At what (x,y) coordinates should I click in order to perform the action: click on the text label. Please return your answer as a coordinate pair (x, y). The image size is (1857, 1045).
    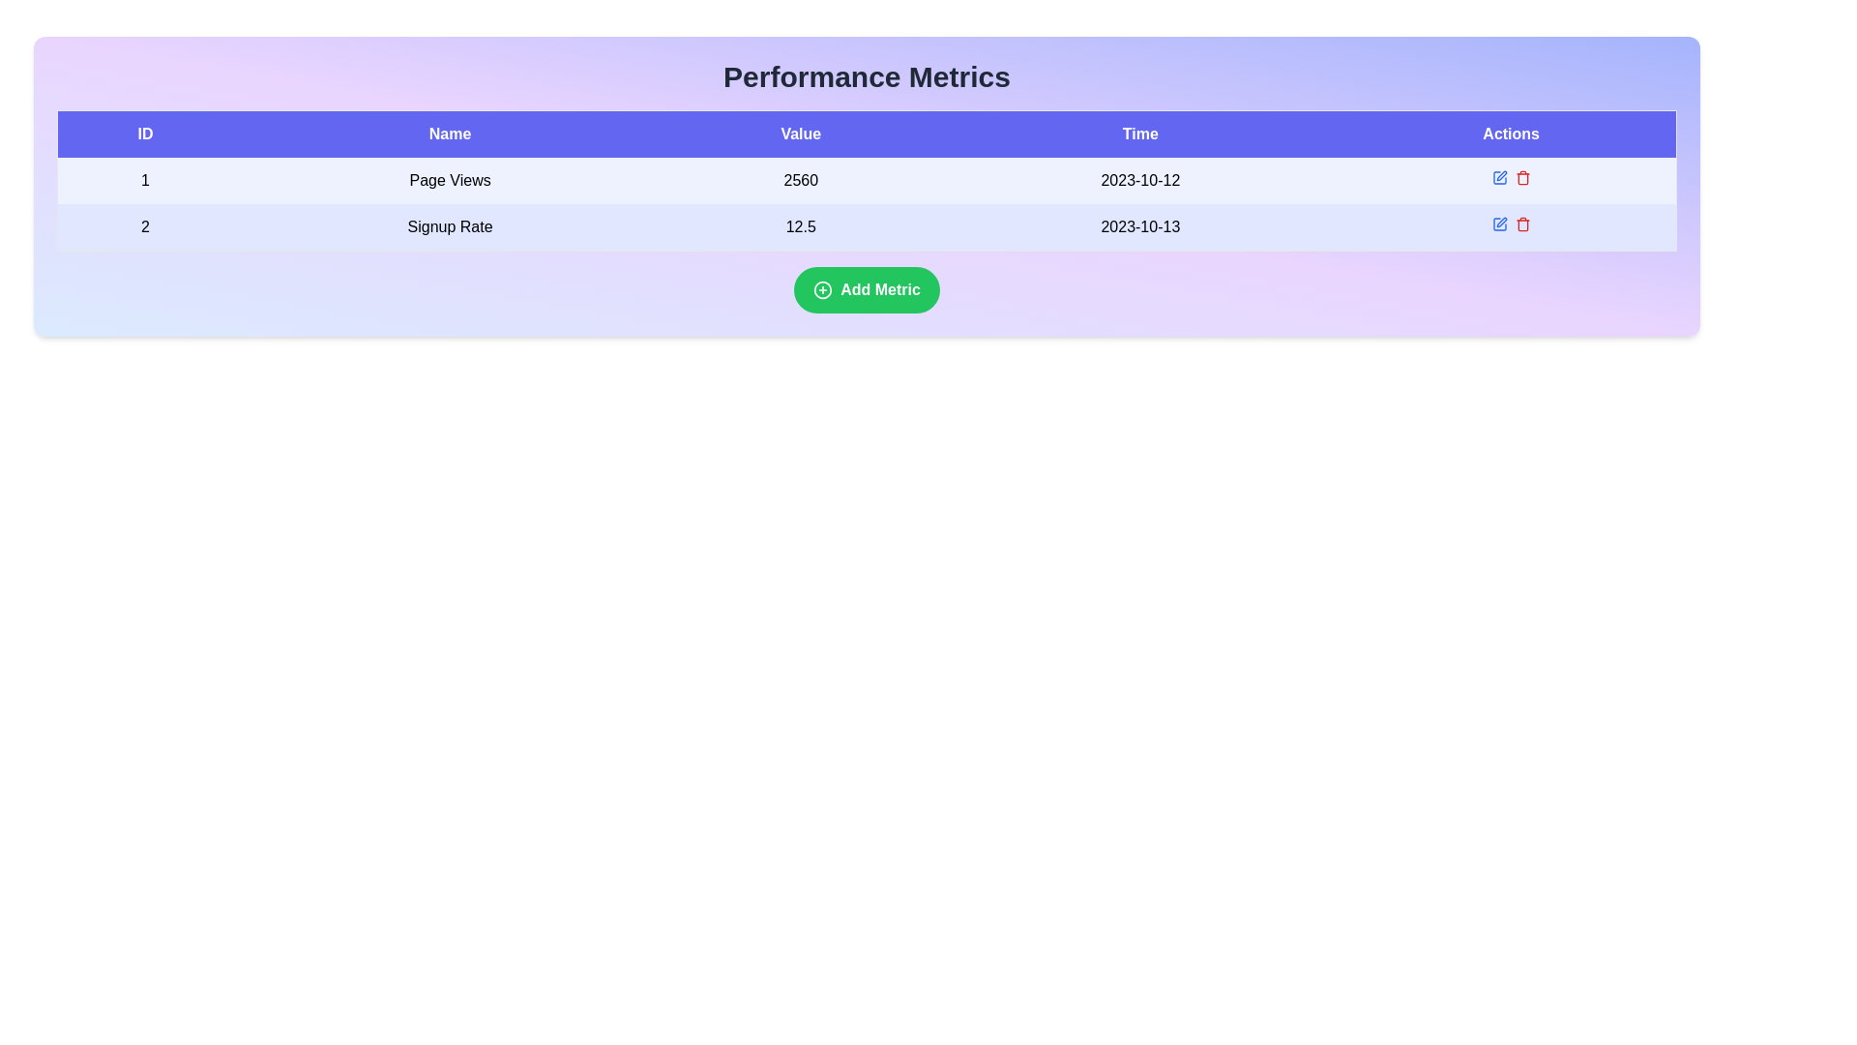
    Looking at the image, I should click on (144, 226).